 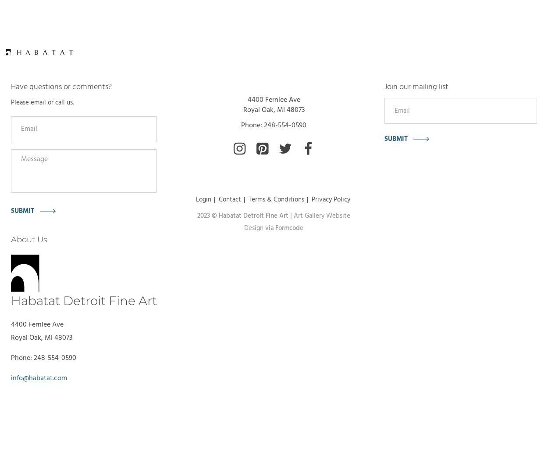 What do you see at coordinates (416, 86) in the screenshot?
I see `'Join our mailing list'` at bounding box center [416, 86].